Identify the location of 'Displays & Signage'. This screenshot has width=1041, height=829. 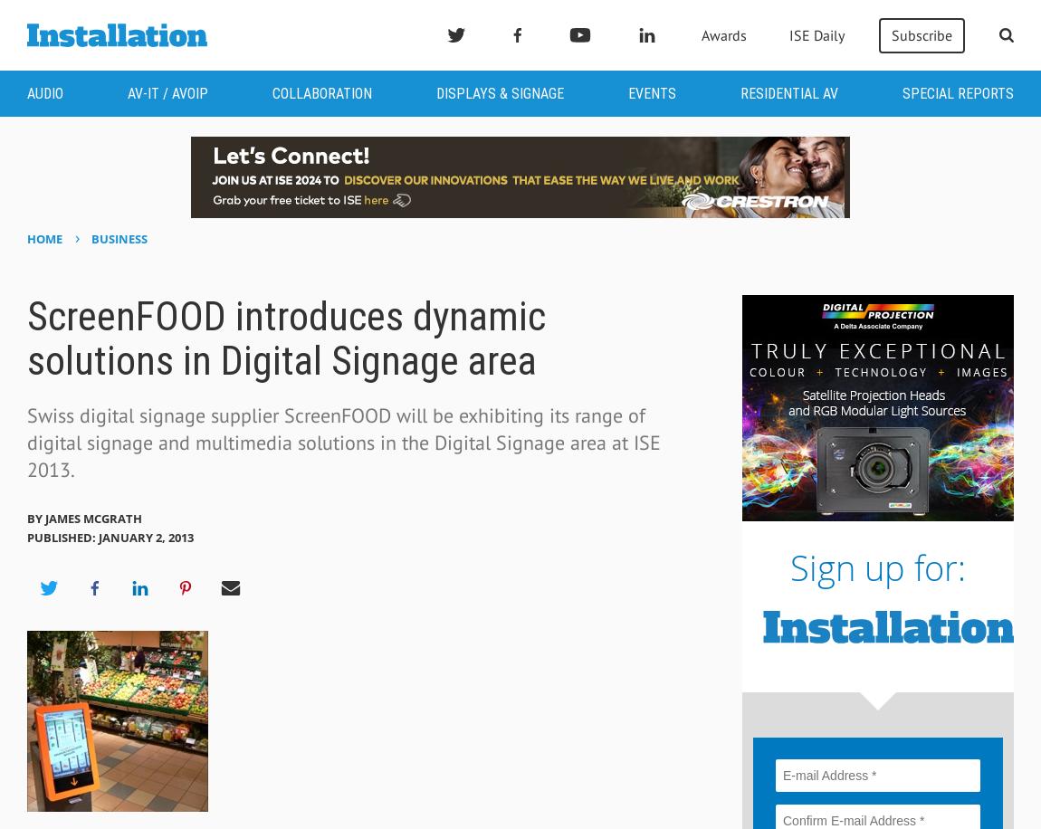
(499, 92).